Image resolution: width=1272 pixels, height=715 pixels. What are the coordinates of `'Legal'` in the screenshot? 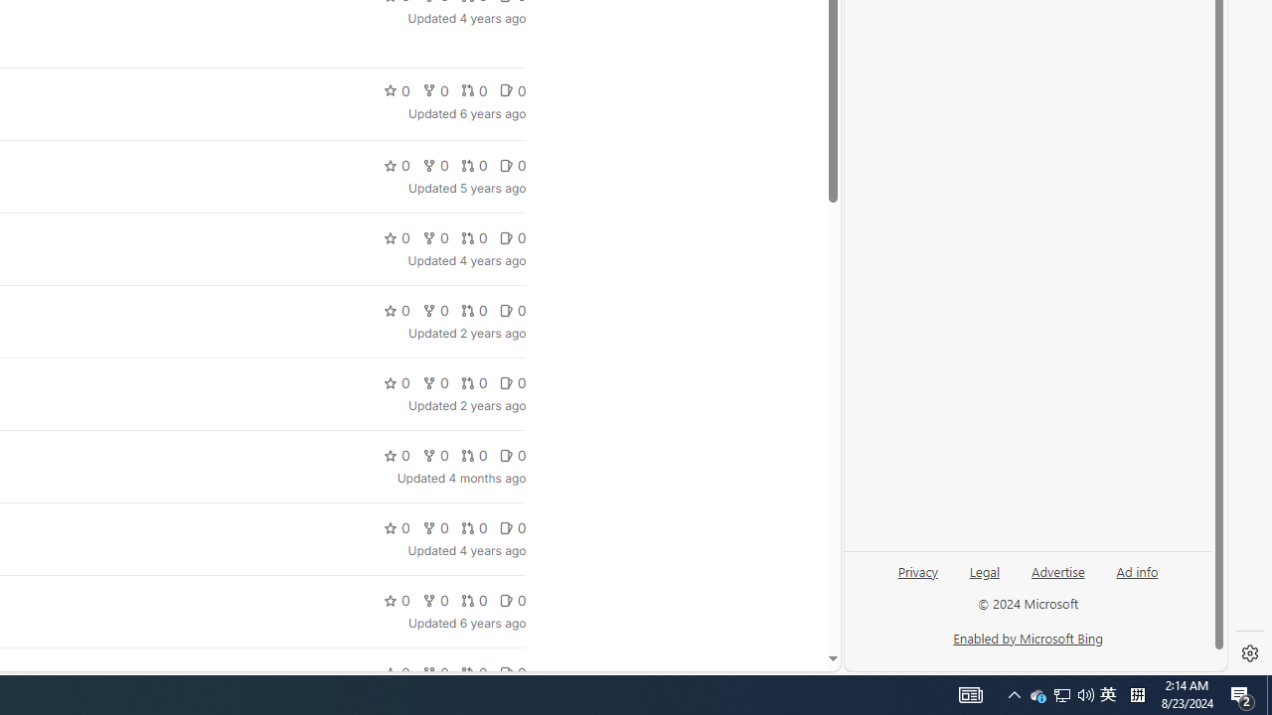 It's located at (984, 579).